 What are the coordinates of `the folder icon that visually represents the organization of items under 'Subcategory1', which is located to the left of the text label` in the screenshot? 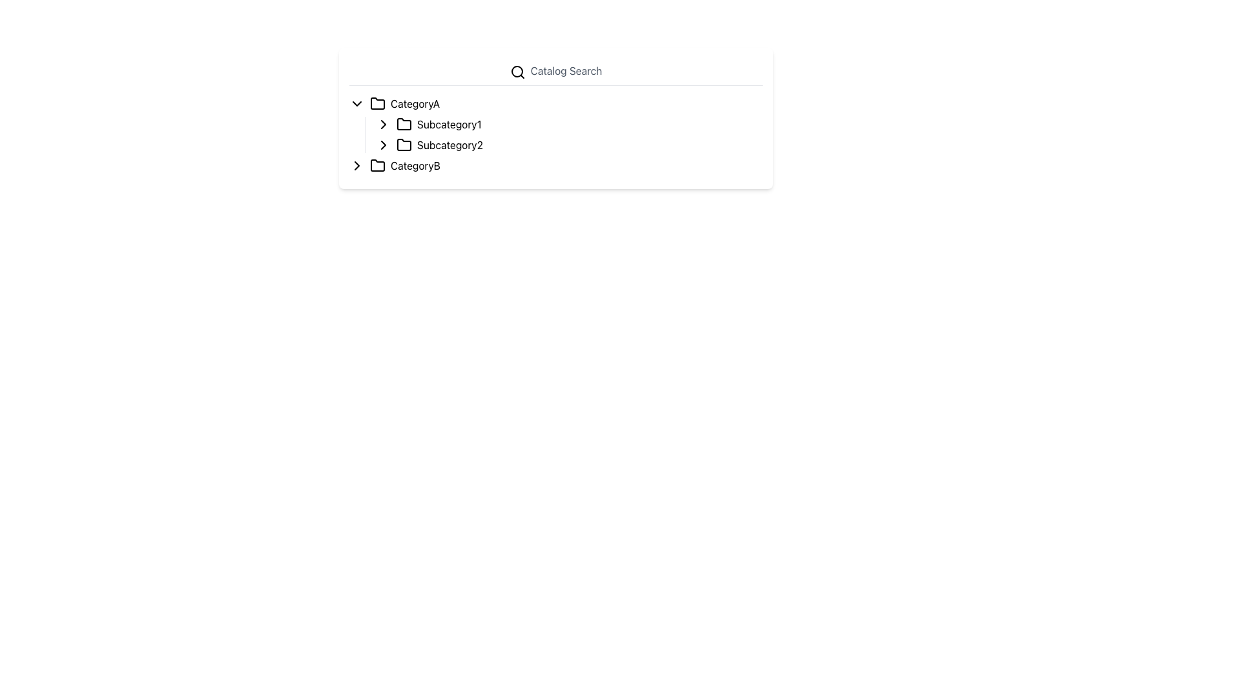 It's located at (403, 124).